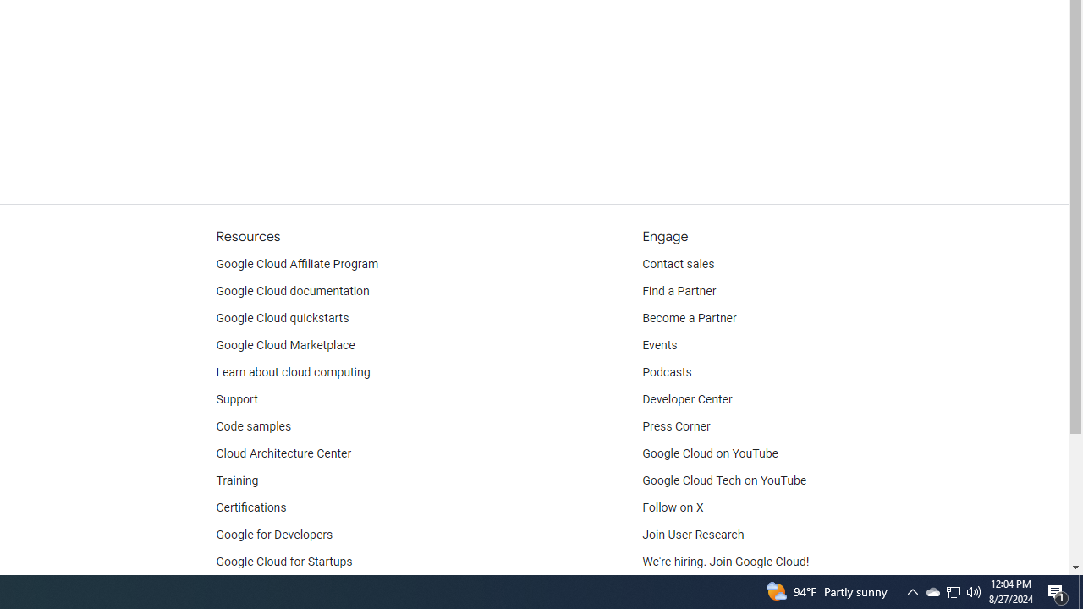  I want to click on 'Events', so click(659, 344).